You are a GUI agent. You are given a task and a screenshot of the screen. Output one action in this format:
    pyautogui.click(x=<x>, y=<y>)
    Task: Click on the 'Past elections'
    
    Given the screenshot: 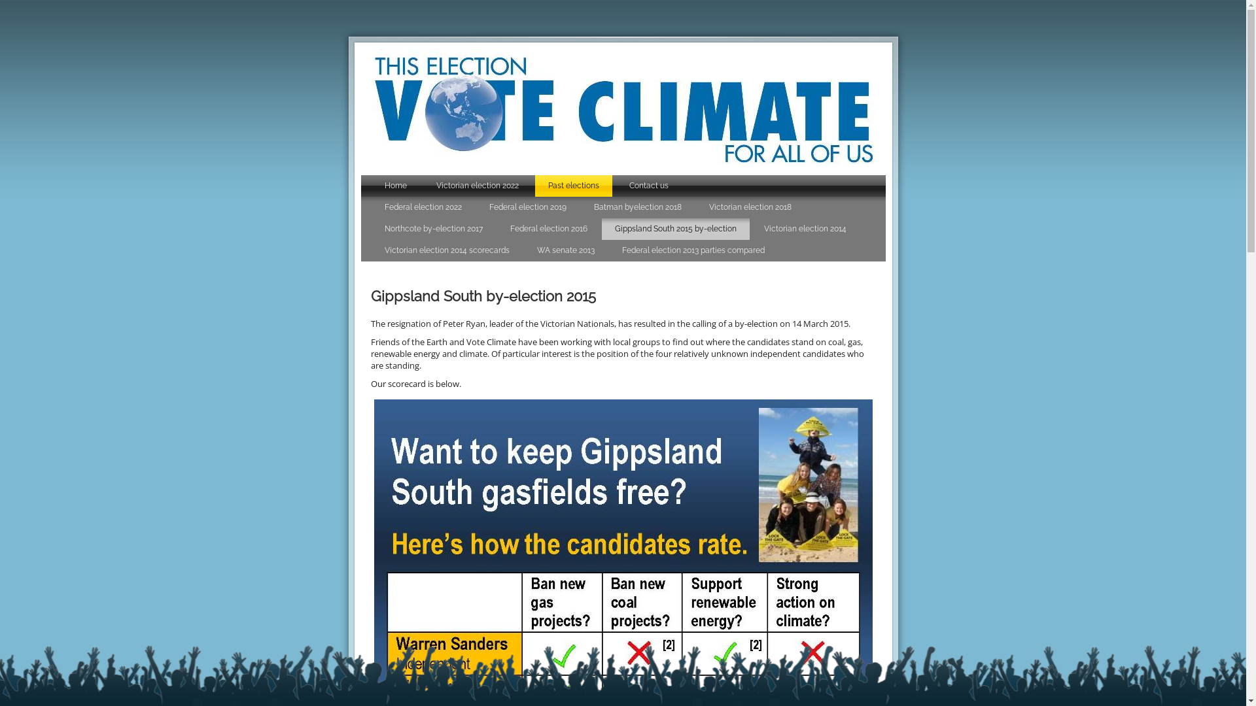 What is the action you would take?
    pyautogui.click(x=574, y=186)
    